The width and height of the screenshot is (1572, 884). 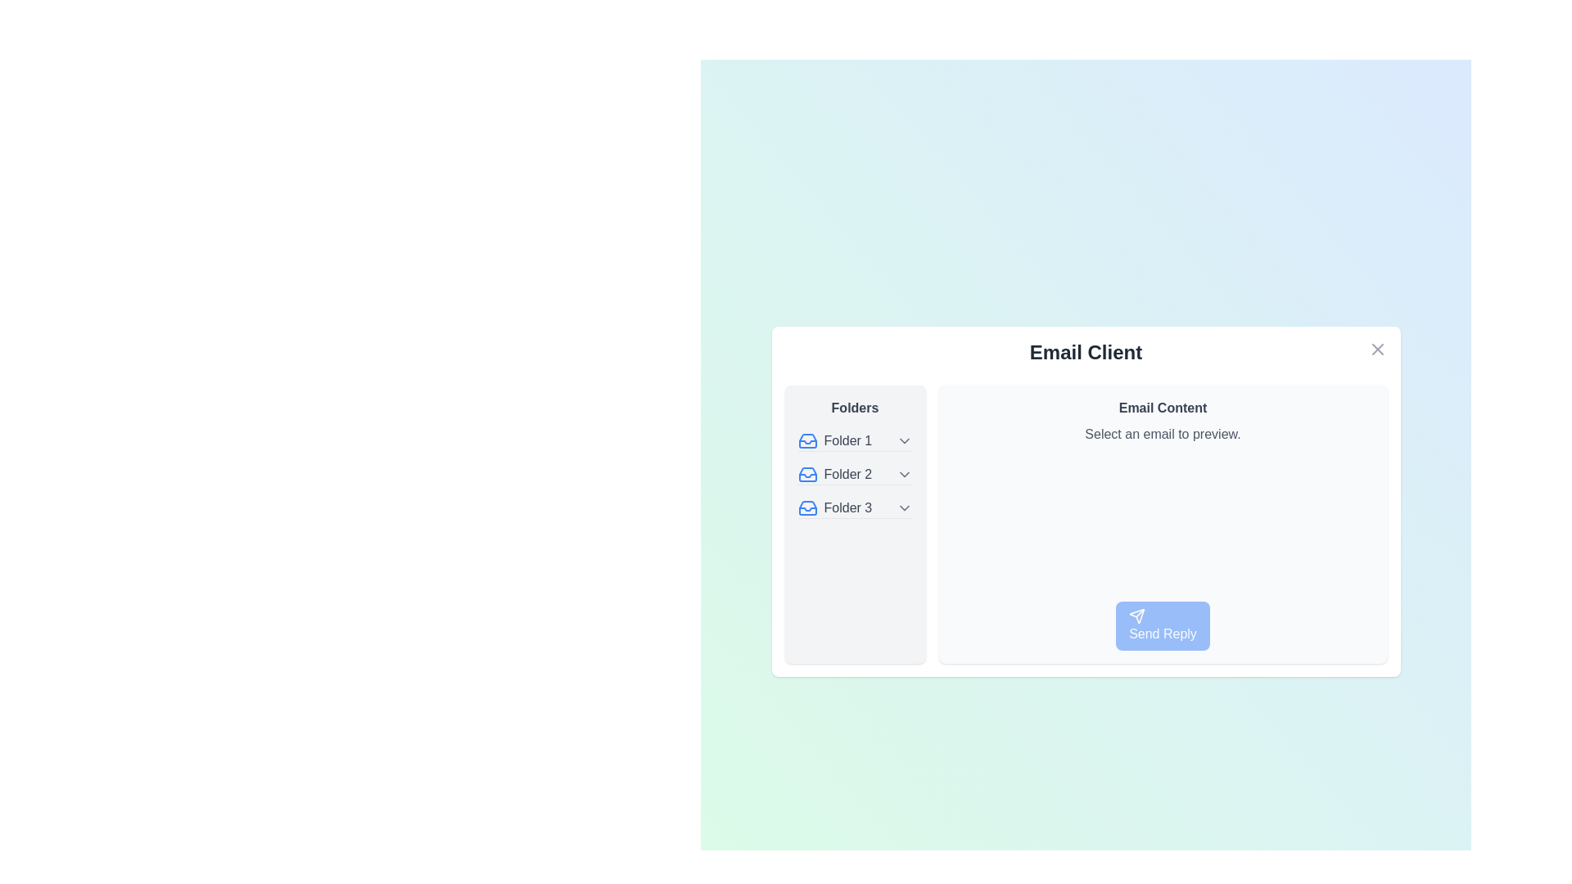 What do you see at coordinates (854, 474) in the screenshot?
I see `the second list item labeled 'Folder 2' in the sidebar panel` at bounding box center [854, 474].